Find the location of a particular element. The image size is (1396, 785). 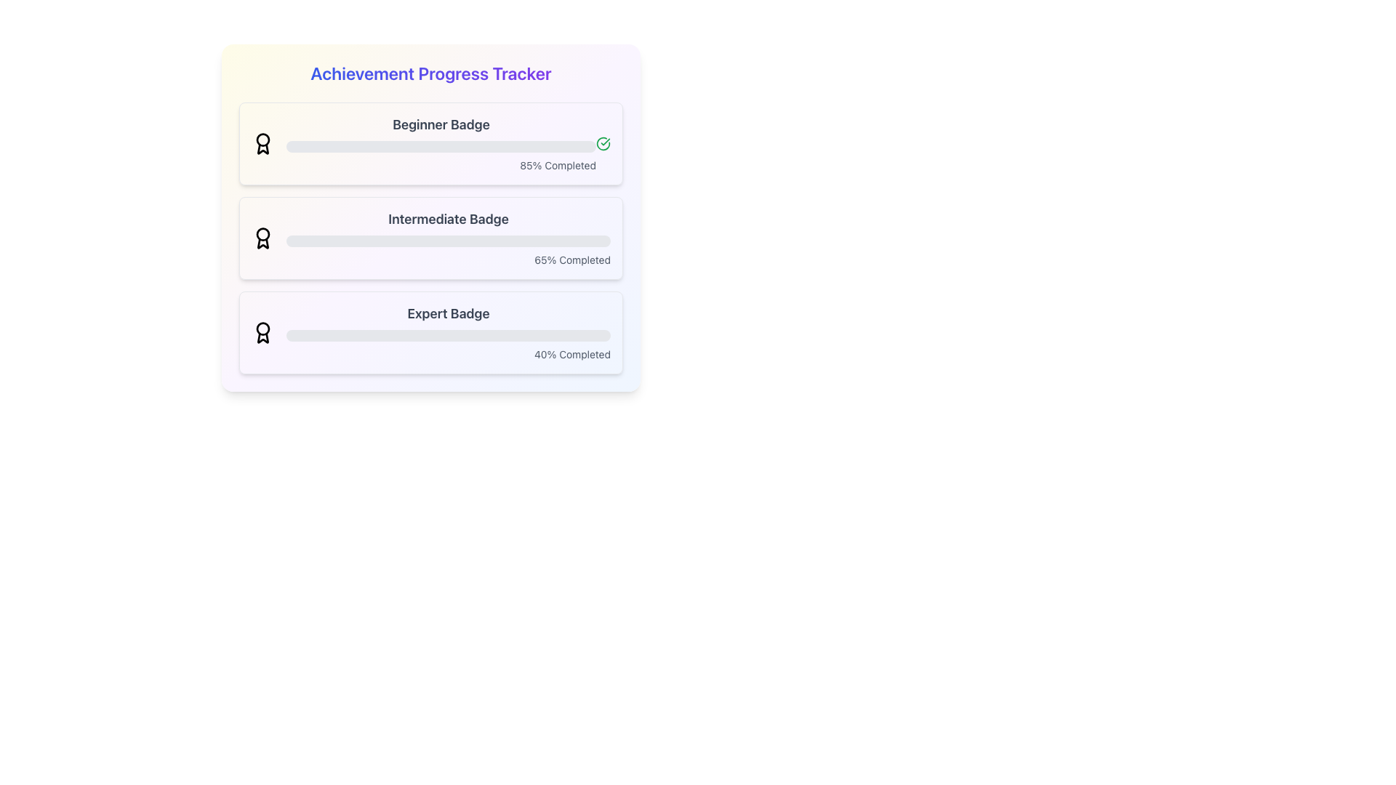

the Decorative Icon representing the 'Beginner Badge' located at the left end of the horizontal progress bar is located at coordinates (262, 149).